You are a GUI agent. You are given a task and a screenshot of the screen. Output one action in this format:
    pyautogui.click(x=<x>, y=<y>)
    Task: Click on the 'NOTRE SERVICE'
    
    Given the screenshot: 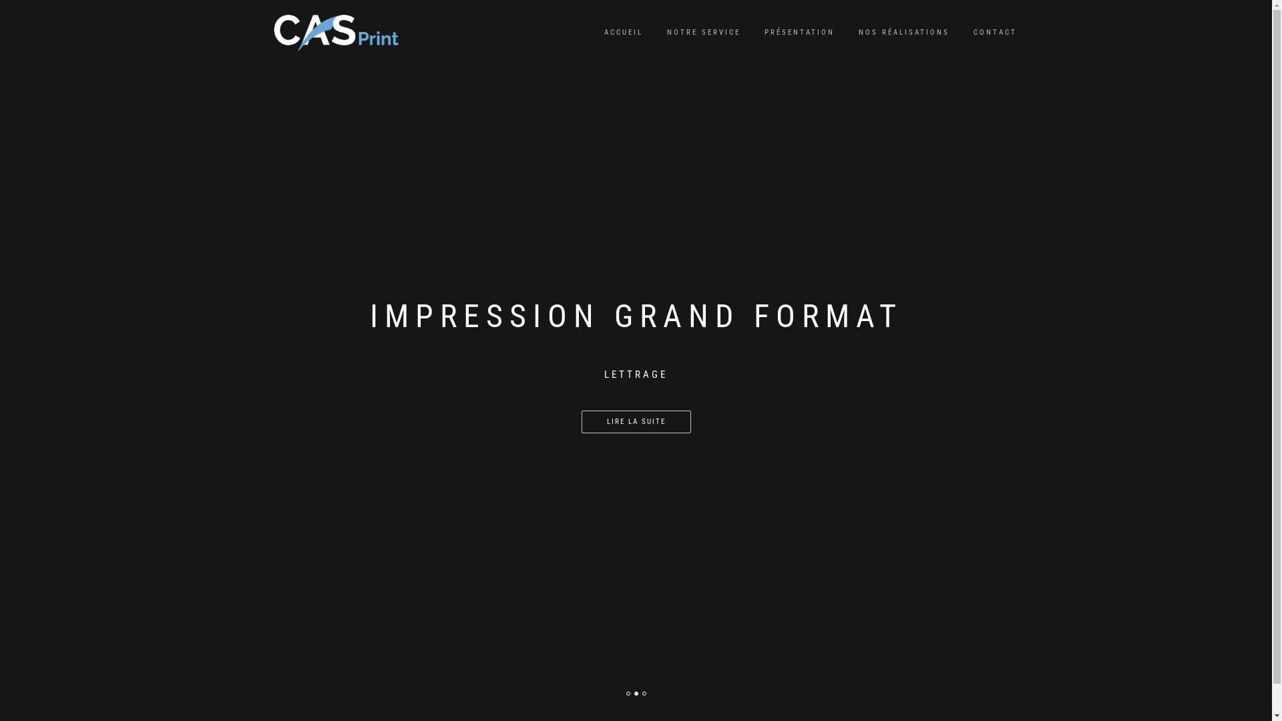 What is the action you would take?
    pyautogui.click(x=703, y=32)
    